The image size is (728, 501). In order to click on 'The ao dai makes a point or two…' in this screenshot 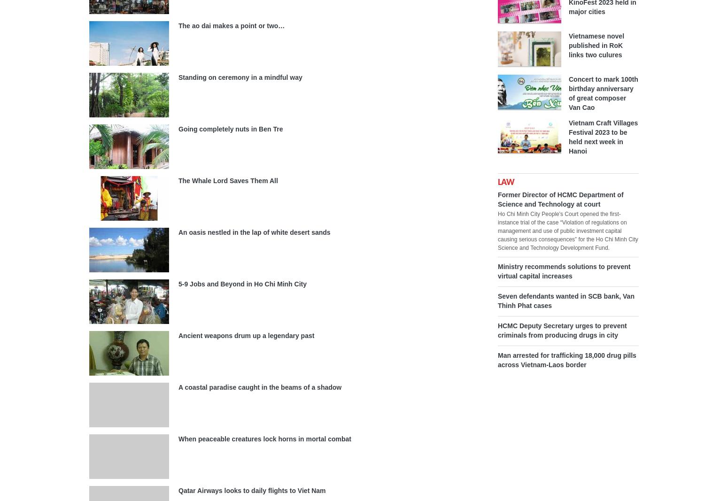, I will do `click(231, 25)`.